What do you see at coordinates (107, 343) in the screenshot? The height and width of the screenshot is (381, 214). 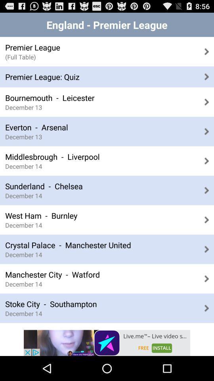 I see `live.me app page` at bounding box center [107, 343].